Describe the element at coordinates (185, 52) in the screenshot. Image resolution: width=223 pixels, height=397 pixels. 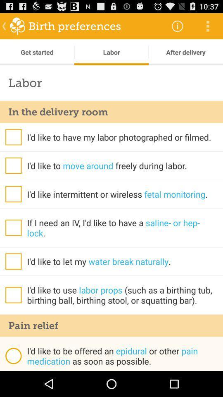
I see `the icon above labor` at that location.